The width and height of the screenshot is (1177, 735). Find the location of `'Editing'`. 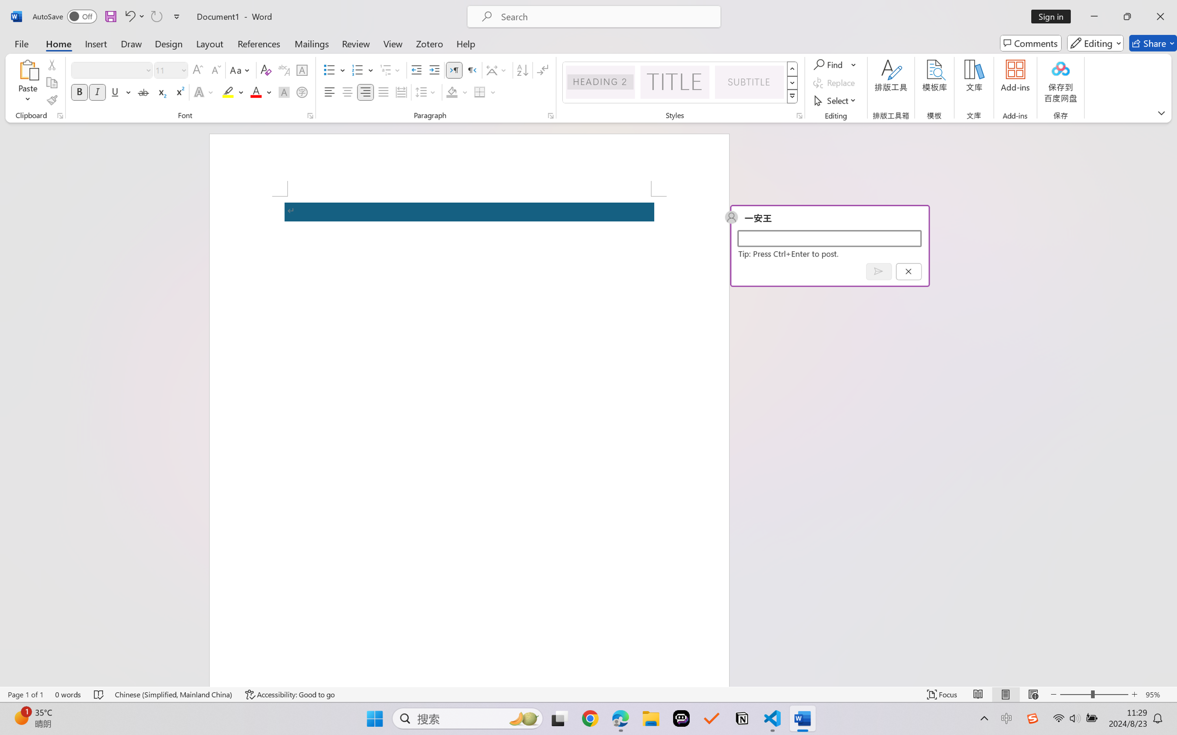

'Editing' is located at coordinates (1096, 43).